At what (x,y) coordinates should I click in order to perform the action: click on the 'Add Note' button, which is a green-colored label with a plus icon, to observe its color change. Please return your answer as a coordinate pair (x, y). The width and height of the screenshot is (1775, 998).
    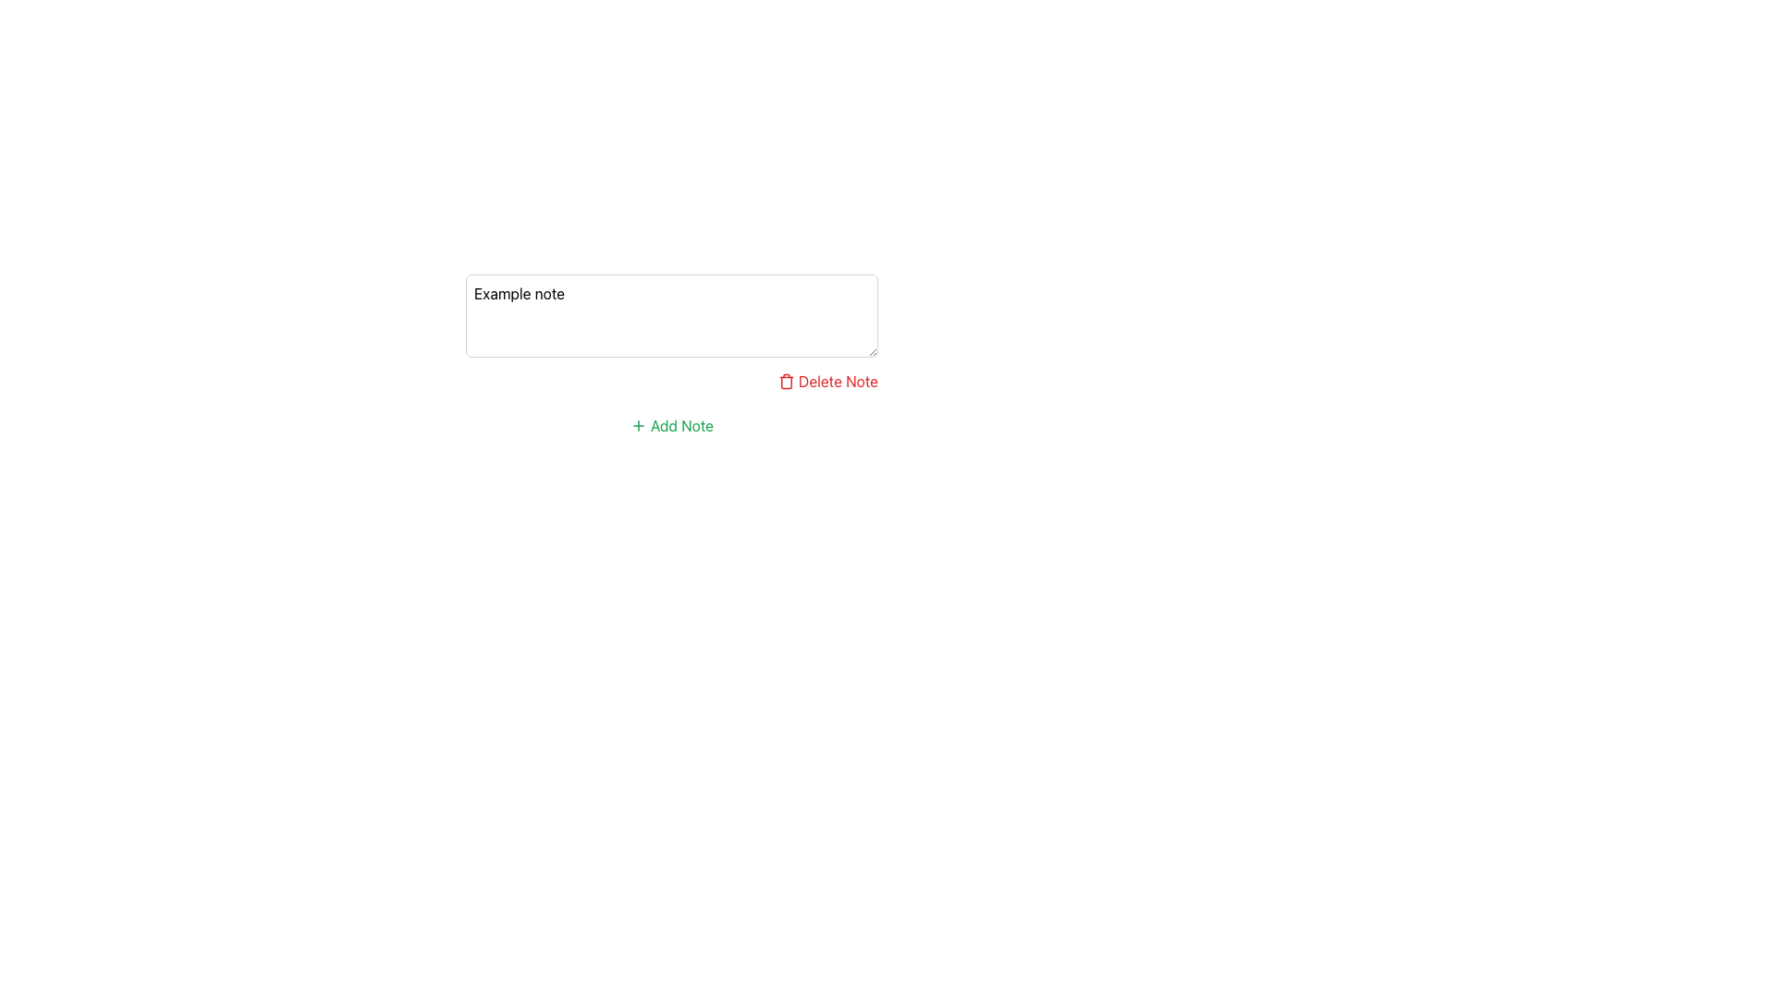
    Looking at the image, I should click on (670, 426).